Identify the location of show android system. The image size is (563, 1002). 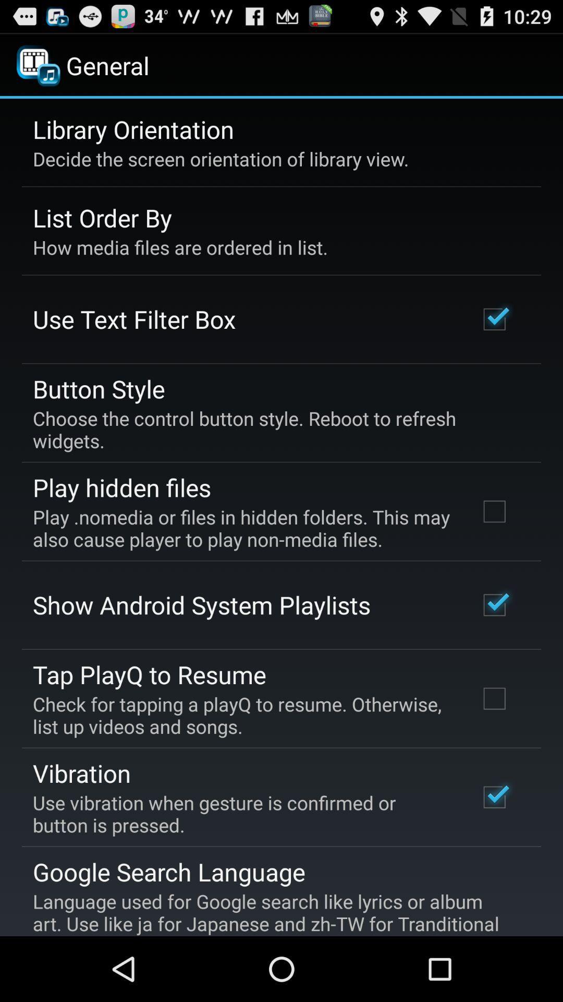
(201, 605).